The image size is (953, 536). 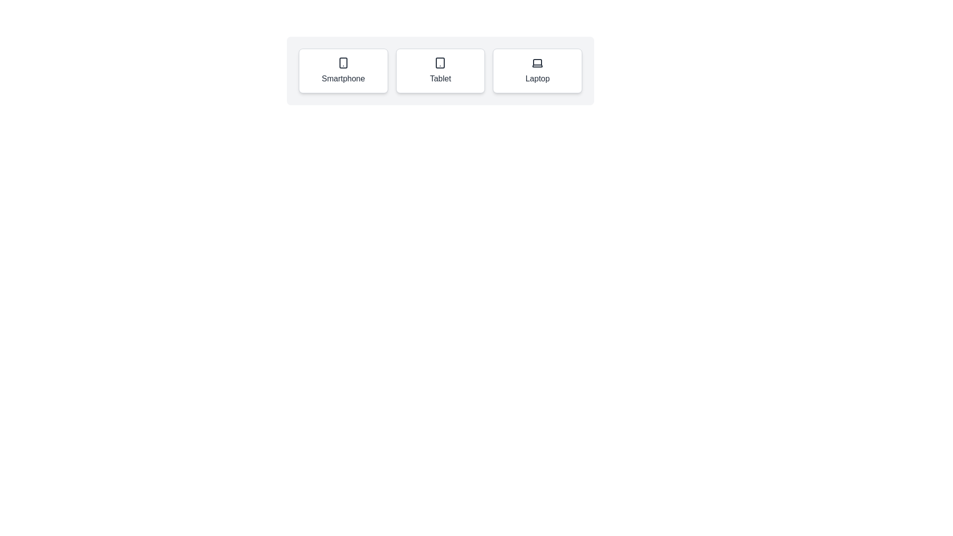 I want to click on the Smartphone chip to select it, so click(x=343, y=70).